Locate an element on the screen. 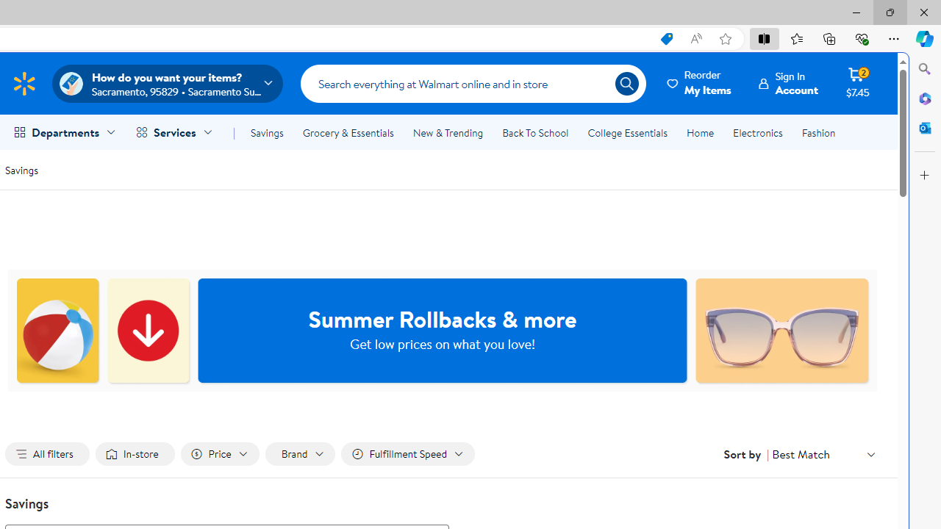 This screenshot has width=941, height=529. 'Home' is located at coordinates (699, 133).